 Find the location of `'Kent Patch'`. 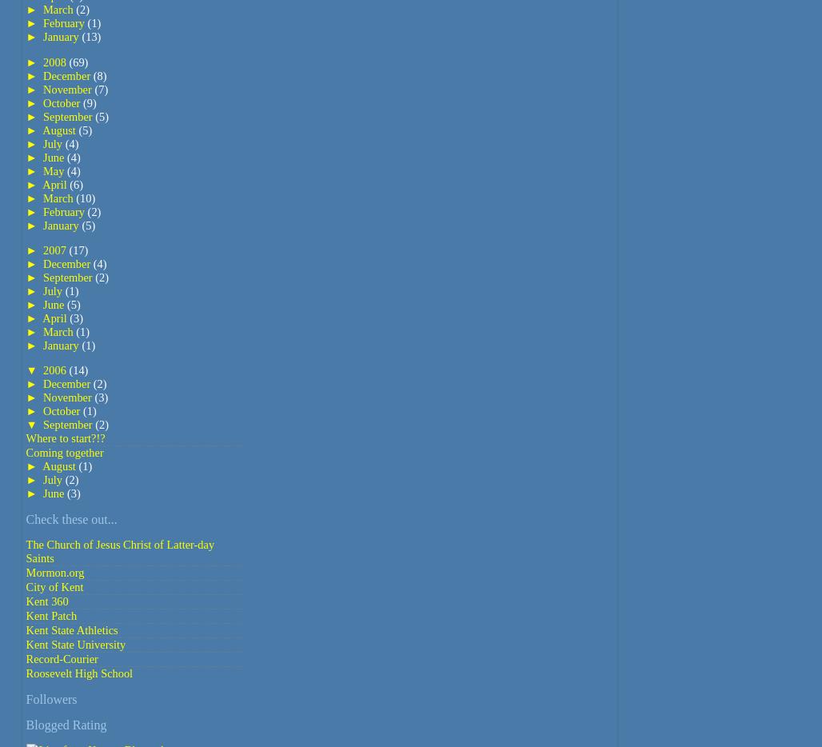

'Kent Patch' is located at coordinates (51, 614).